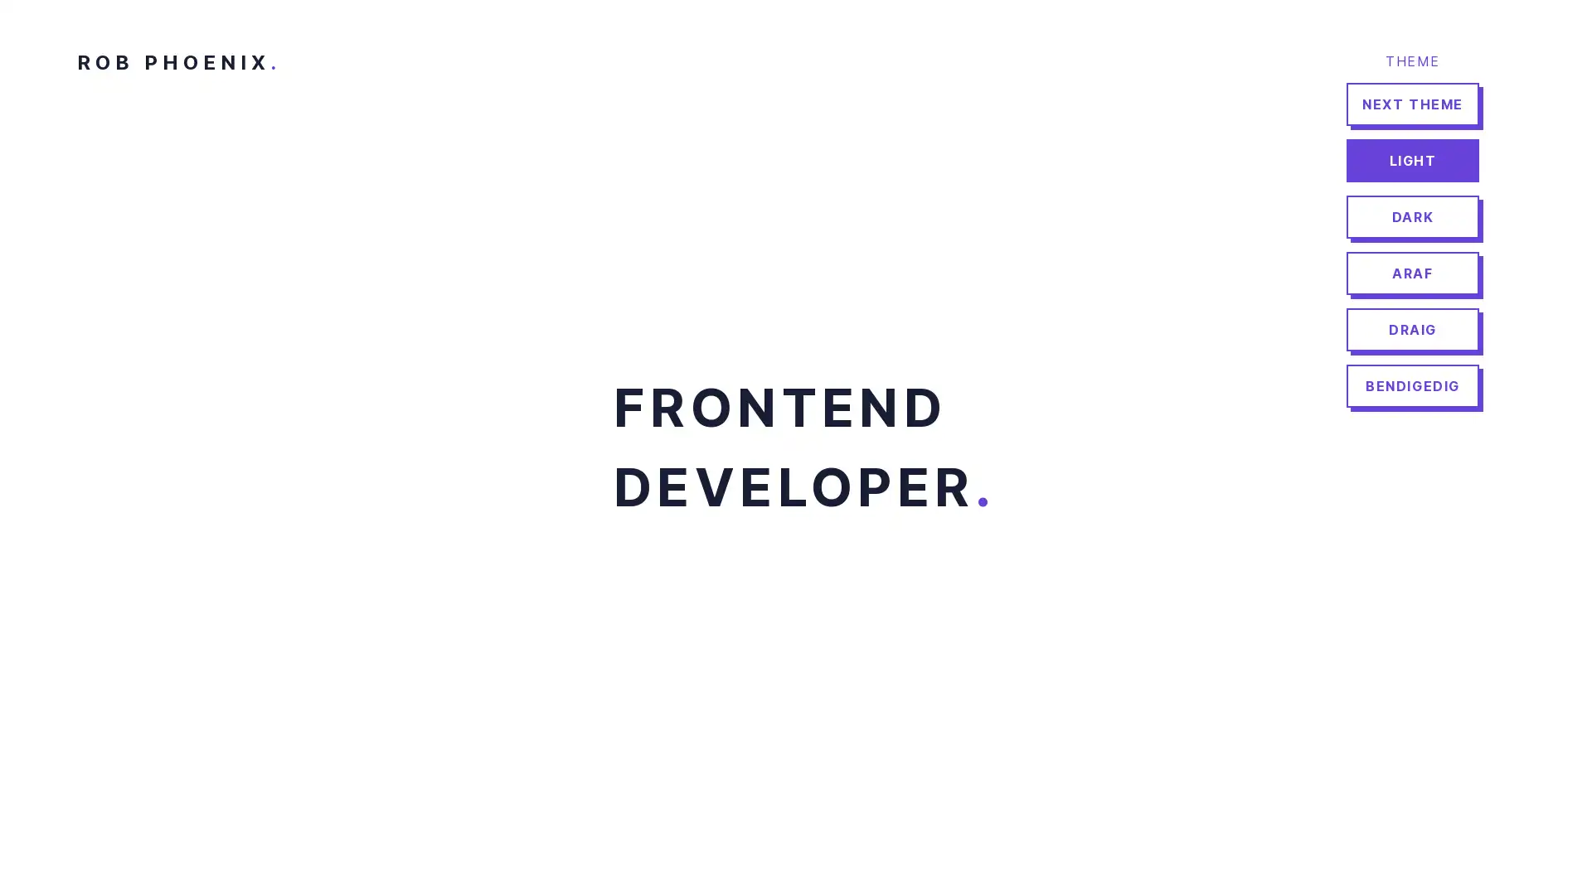 The height and width of the screenshot is (895, 1592). I want to click on NEXT THEME, so click(1412, 104).